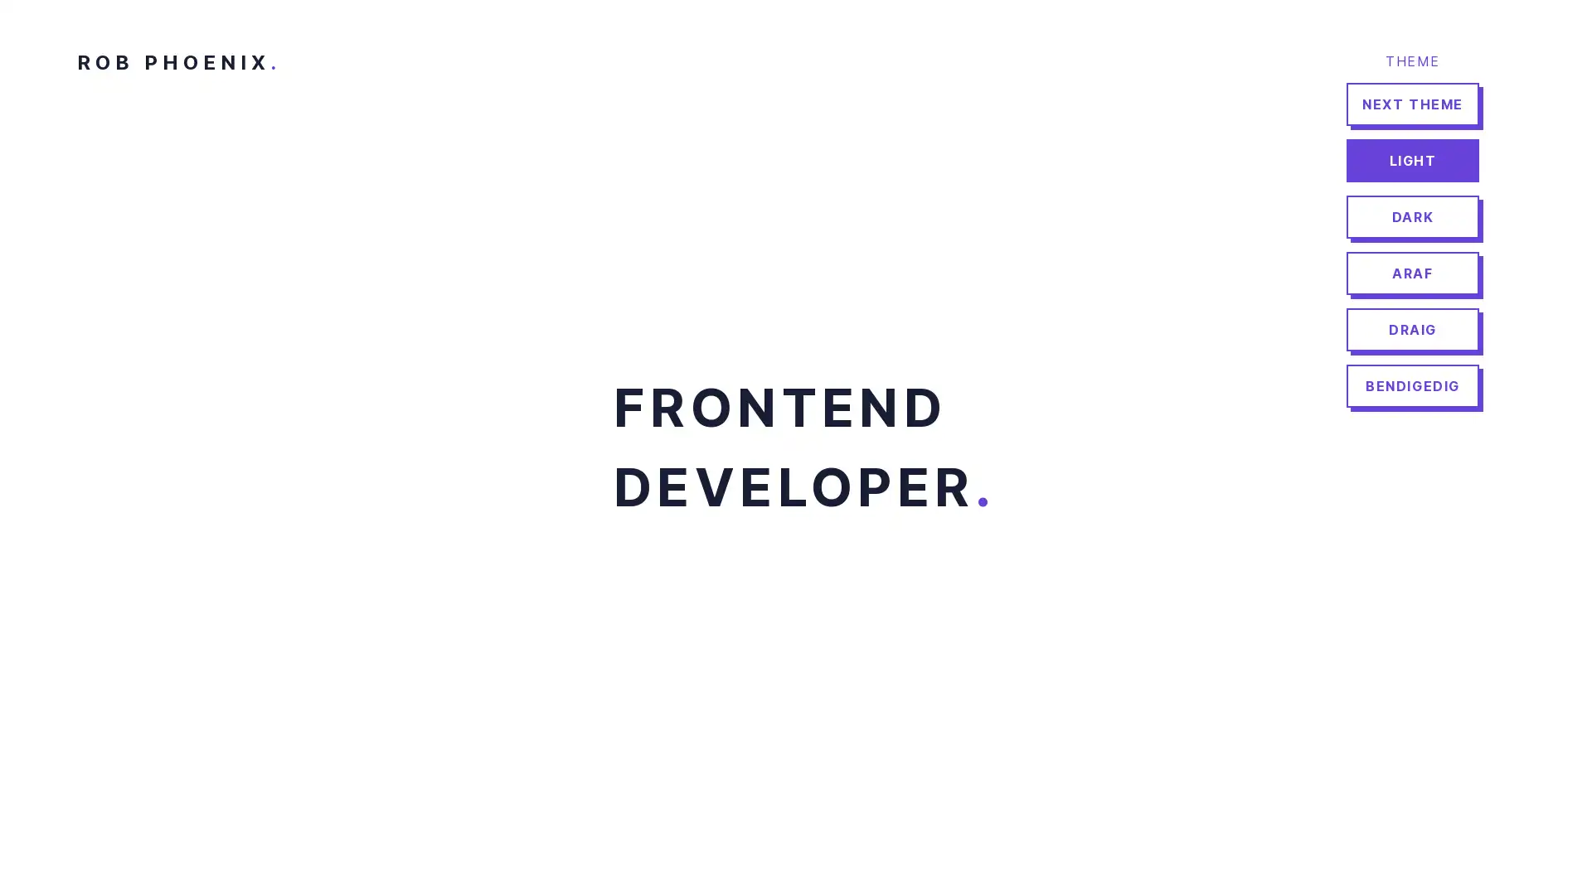 The height and width of the screenshot is (895, 1592). I want to click on NEXT THEME, so click(1412, 104).